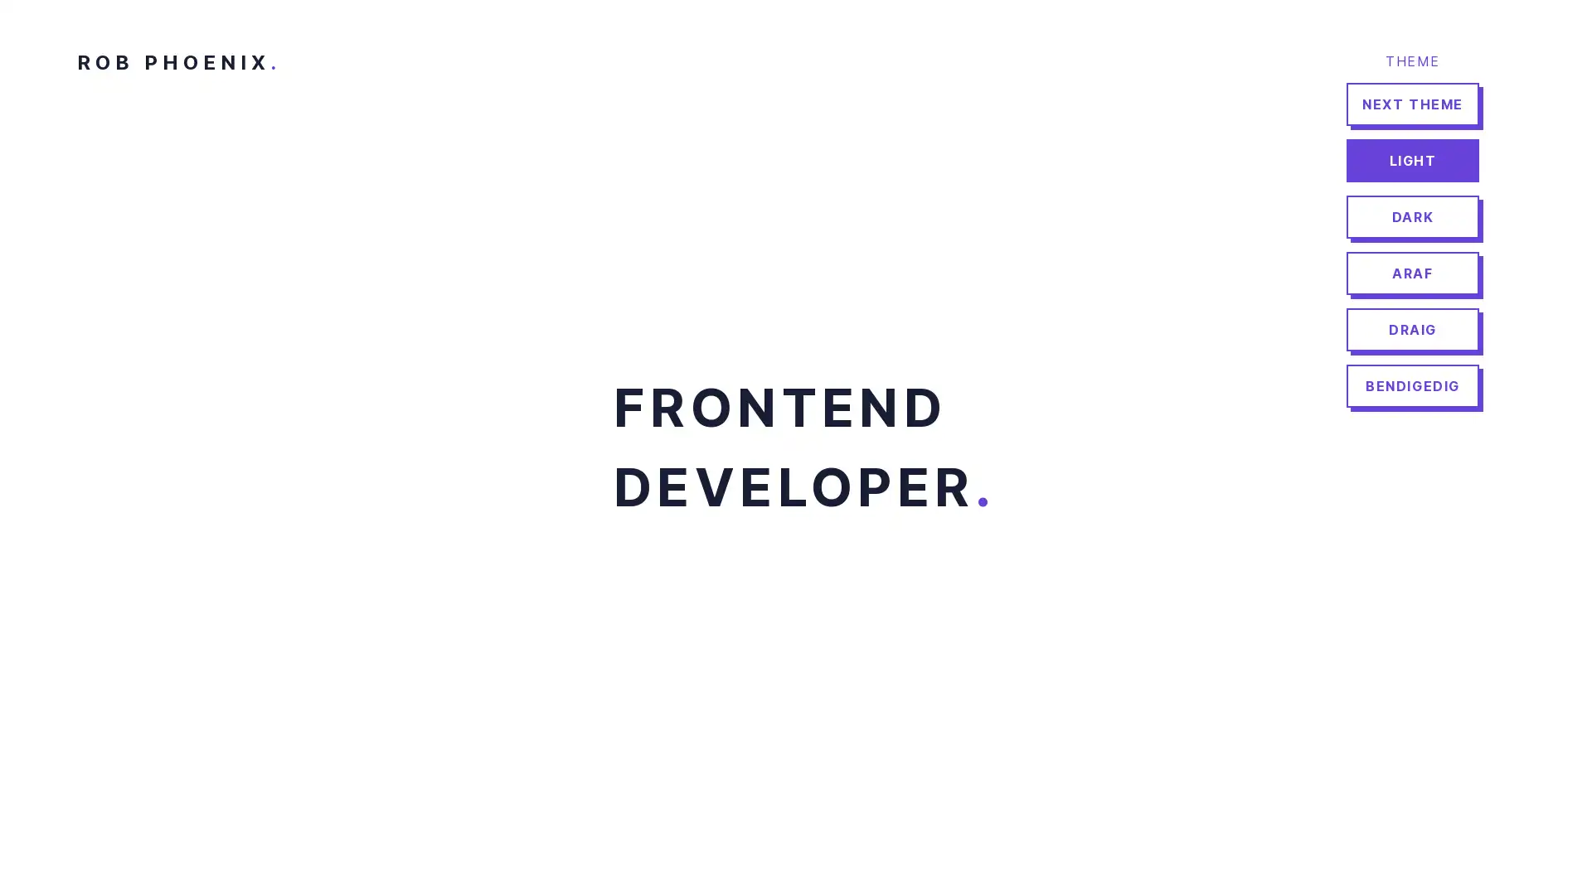 The height and width of the screenshot is (895, 1592). I want to click on NEXT THEME, so click(1412, 104).